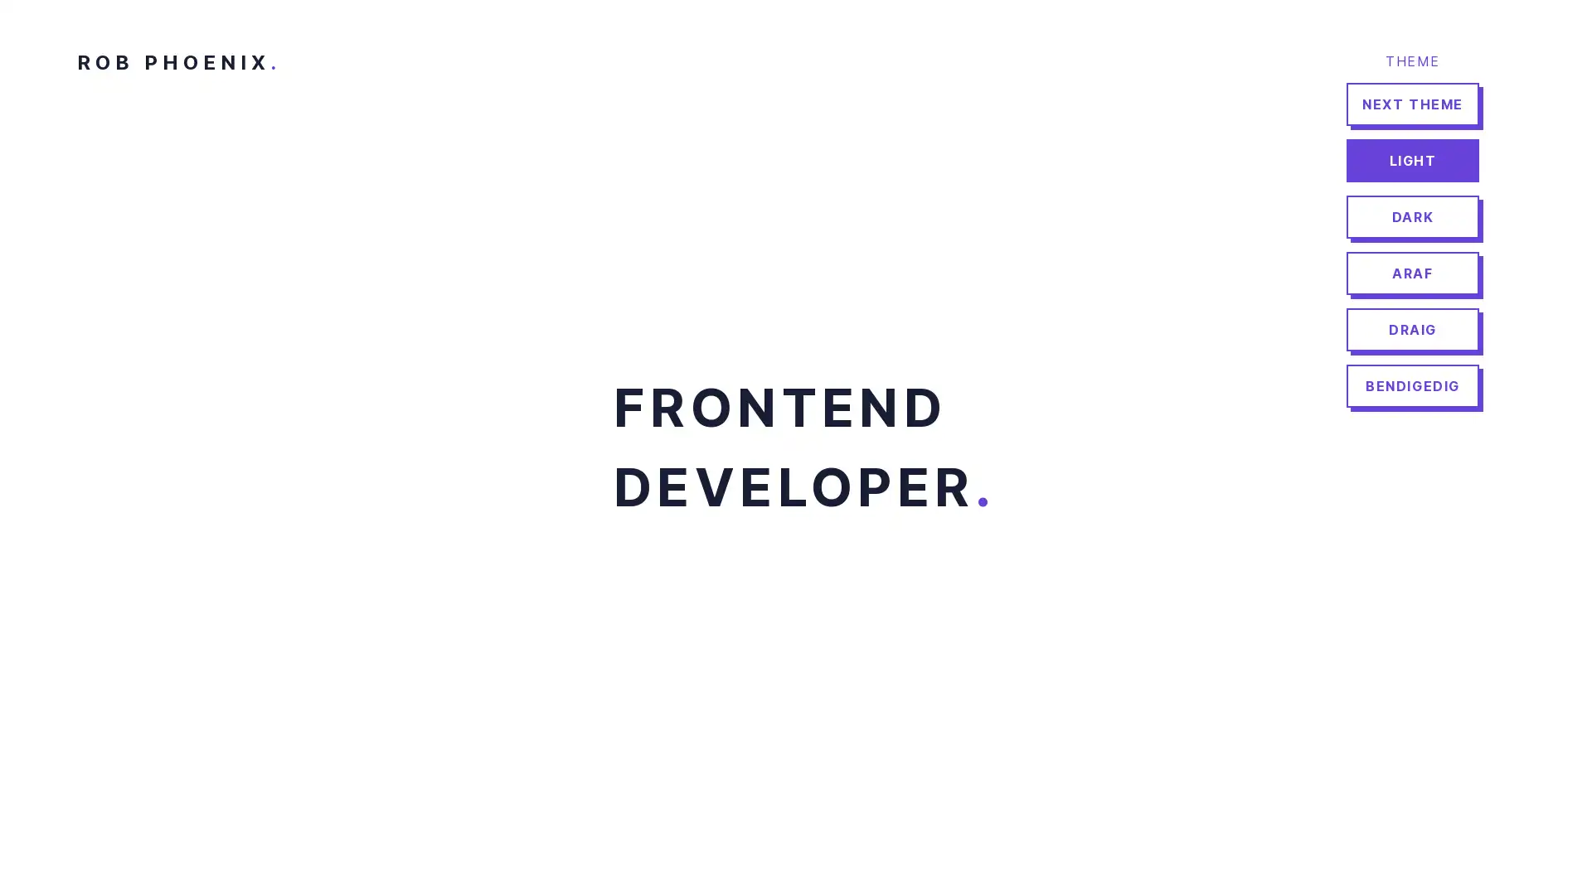 The height and width of the screenshot is (895, 1592). I want to click on NEXT THEME, so click(1412, 104).